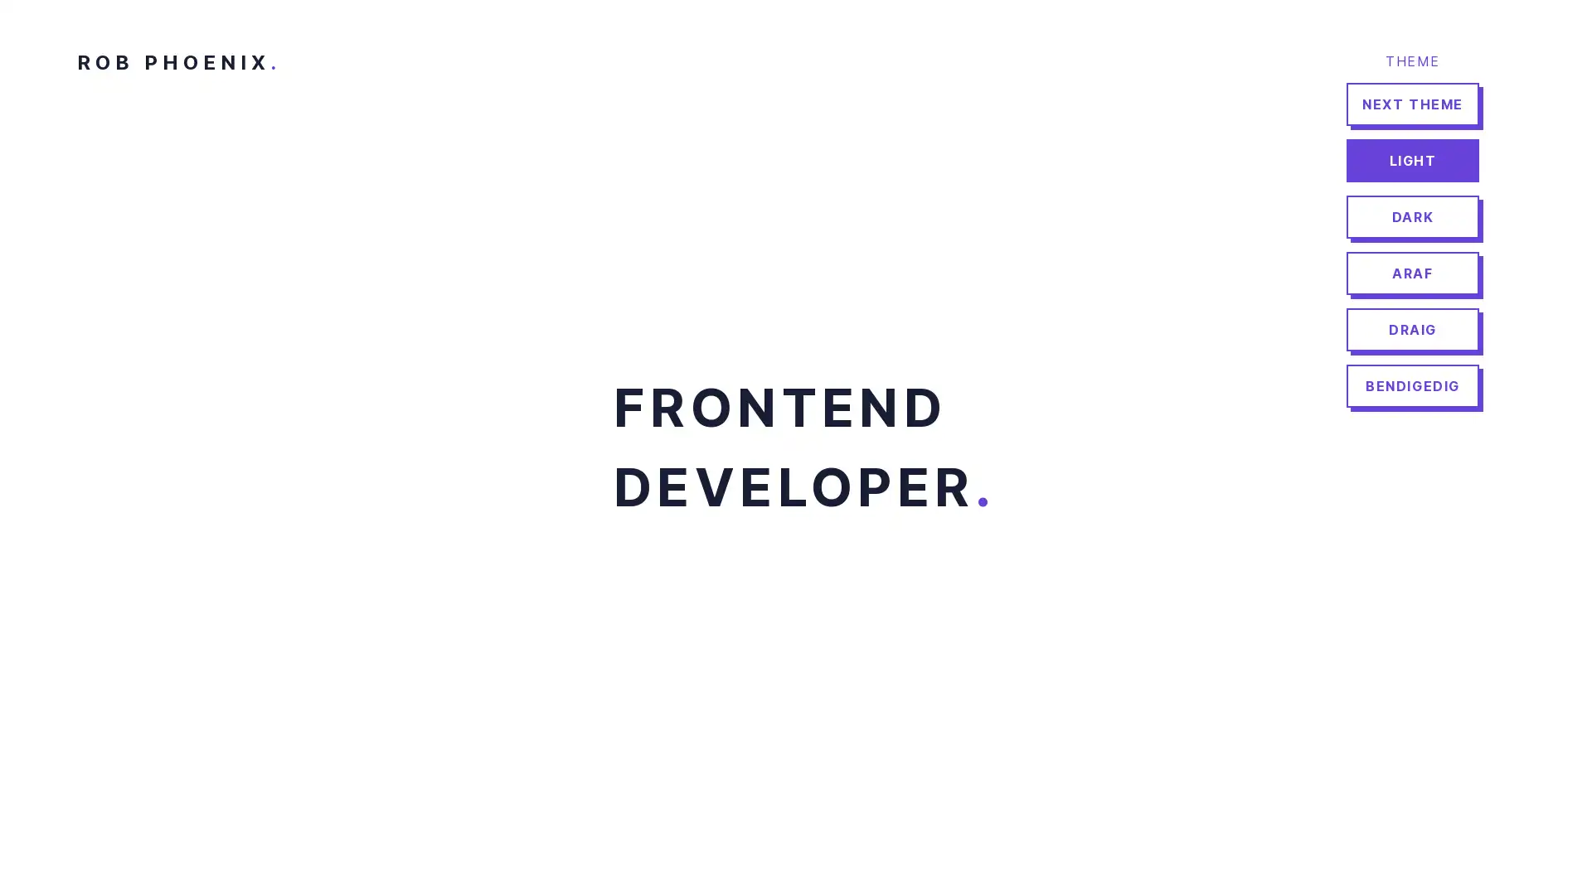 The height and width of the screenshot is (895, 1592). I want to click on NEXT THEME, so click(1412, 104).